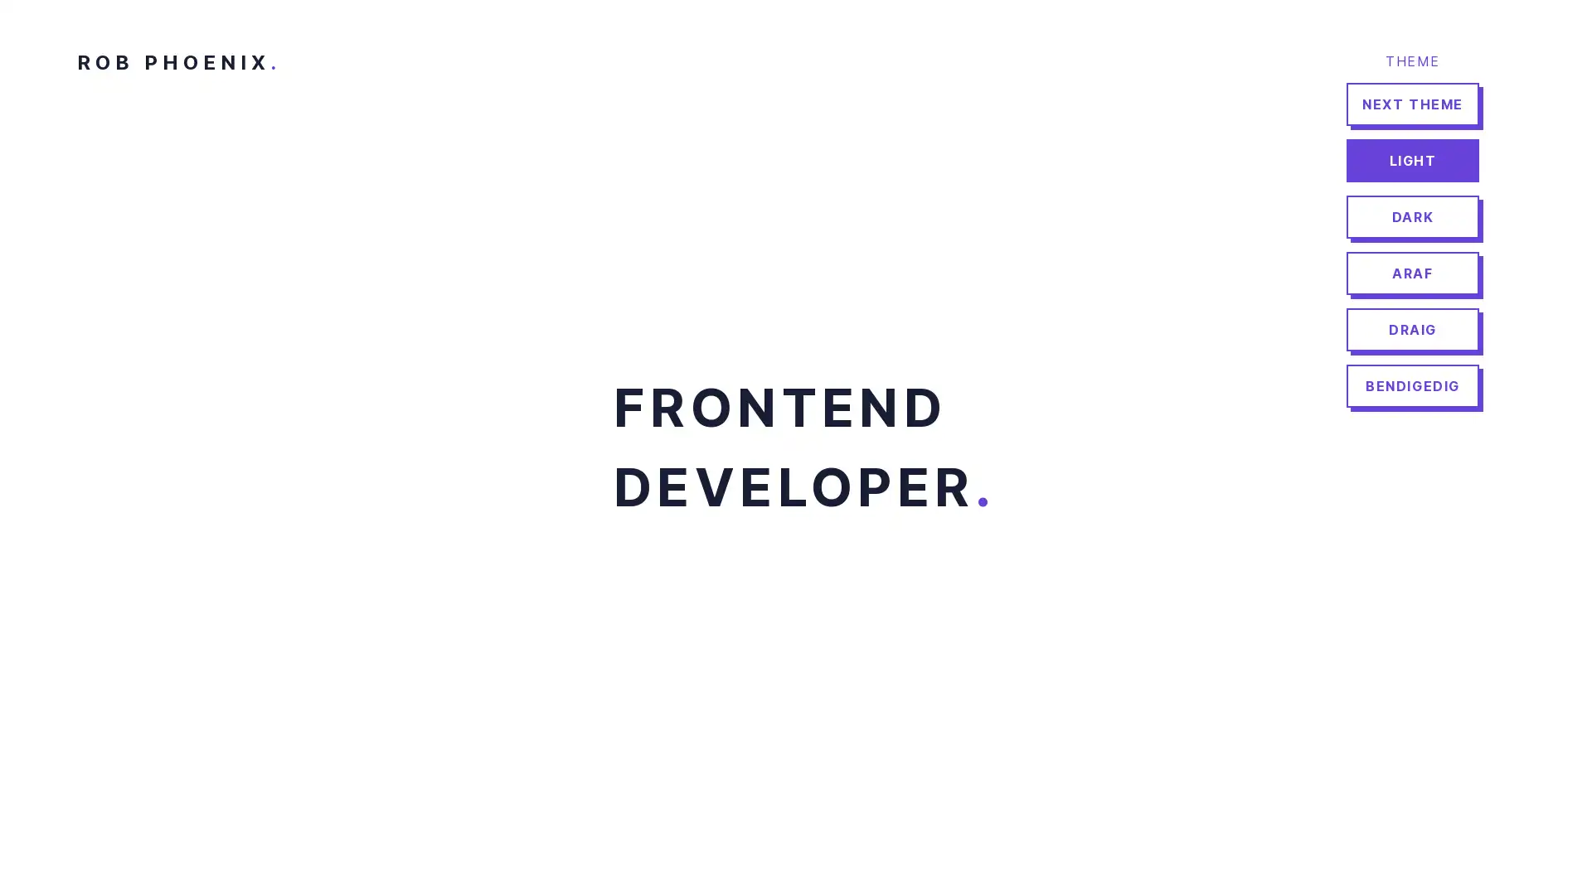 The height and width of the screenshot is (895, 1592). I want to click on NEXT THEME, so click(1412, 104).